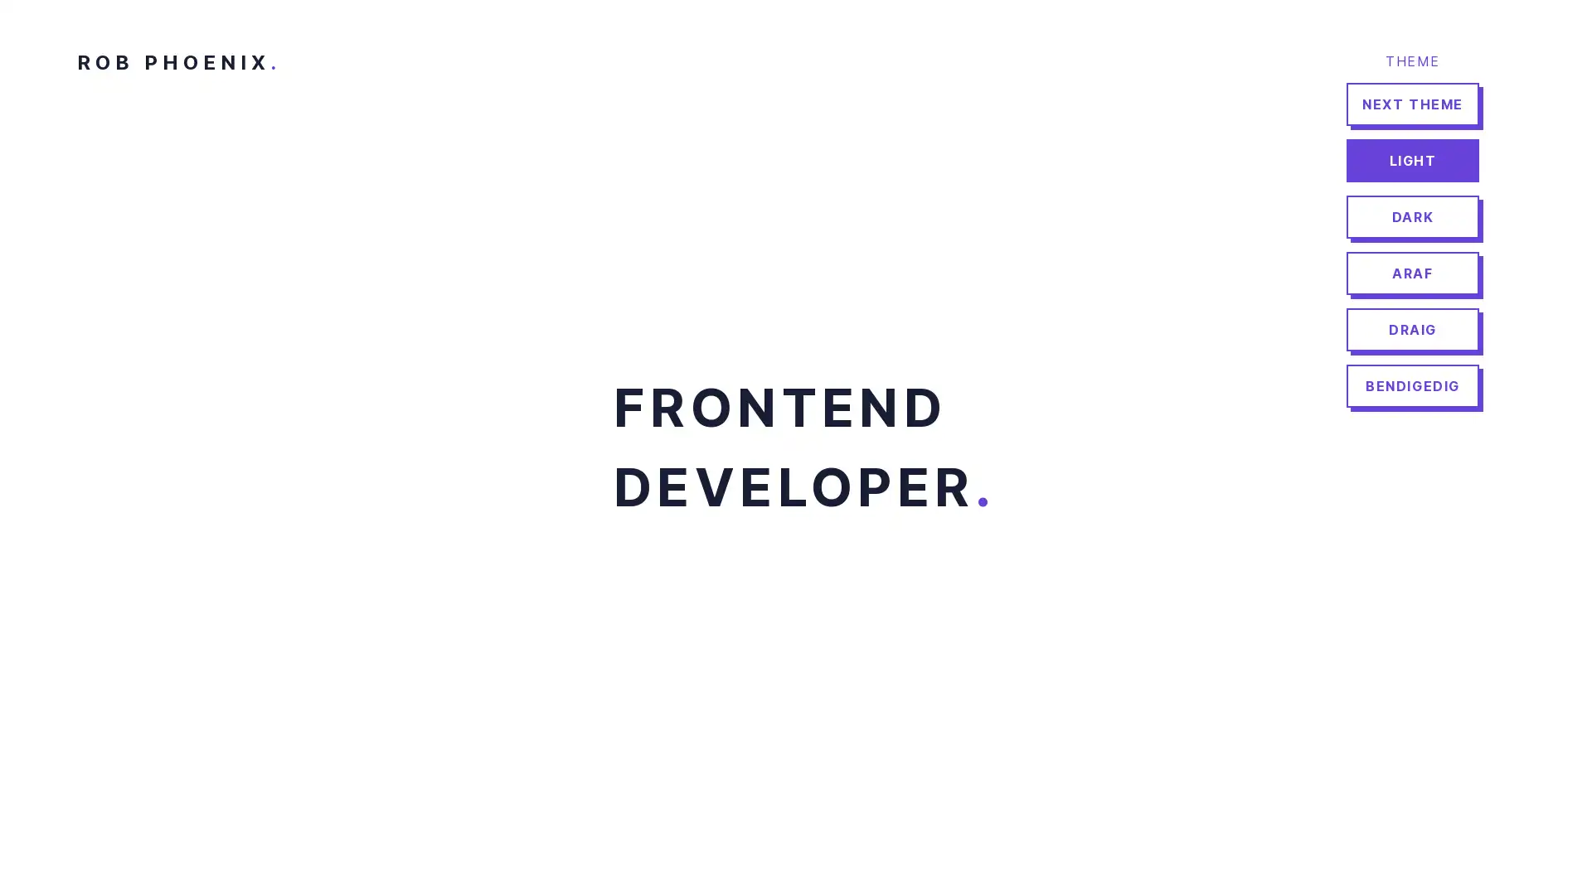 The height and width of the screenshot is (895, 1592). I want to click on NEXT THEME, so click(1412, 104).